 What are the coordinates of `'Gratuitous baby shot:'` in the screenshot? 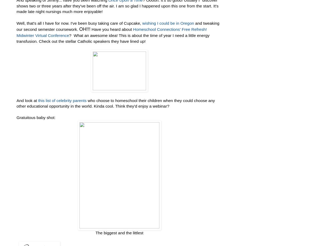 It's located at (36, 117).